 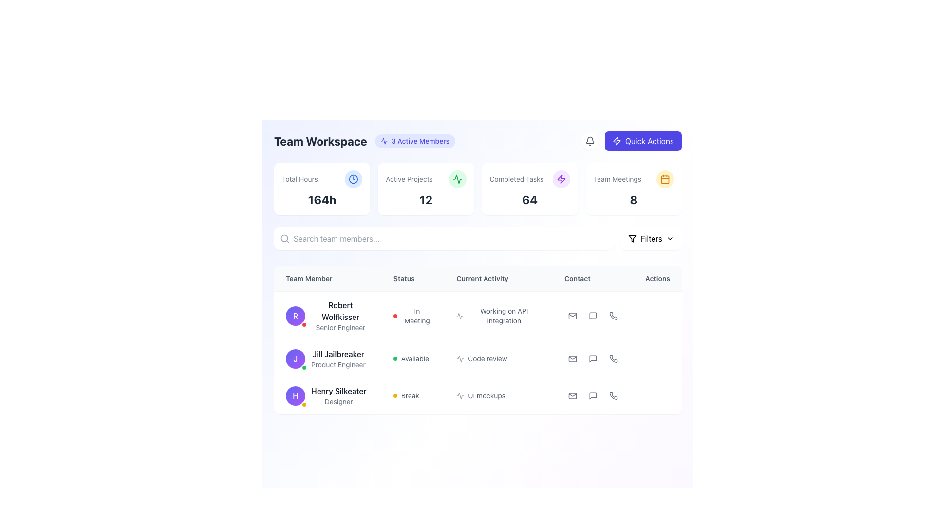 What do you see at coordinates (643, 141) in the screenshot?
I see `the shortcut button located in the top-right section of the interface, adjacent to the notification bell icon` at bounding box center [643, 141].